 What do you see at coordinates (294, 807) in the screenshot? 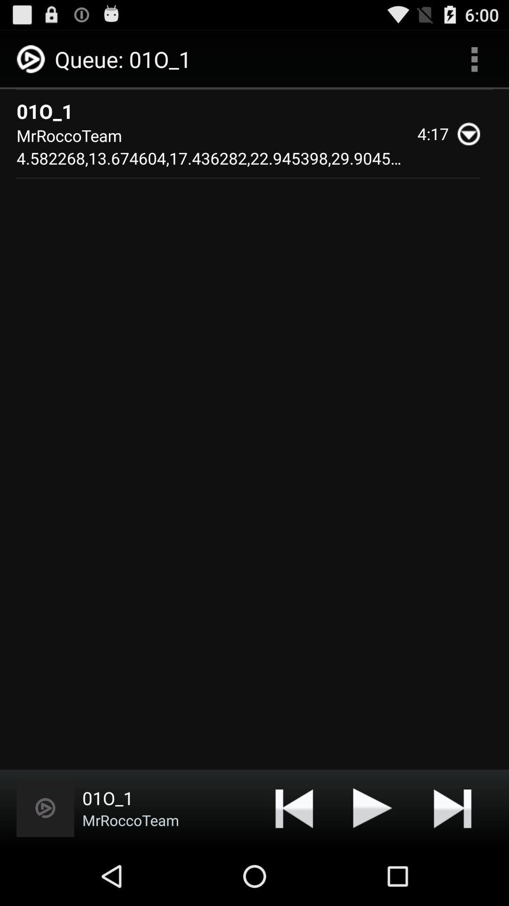
I see `go back` at bounding box center [294, 807].